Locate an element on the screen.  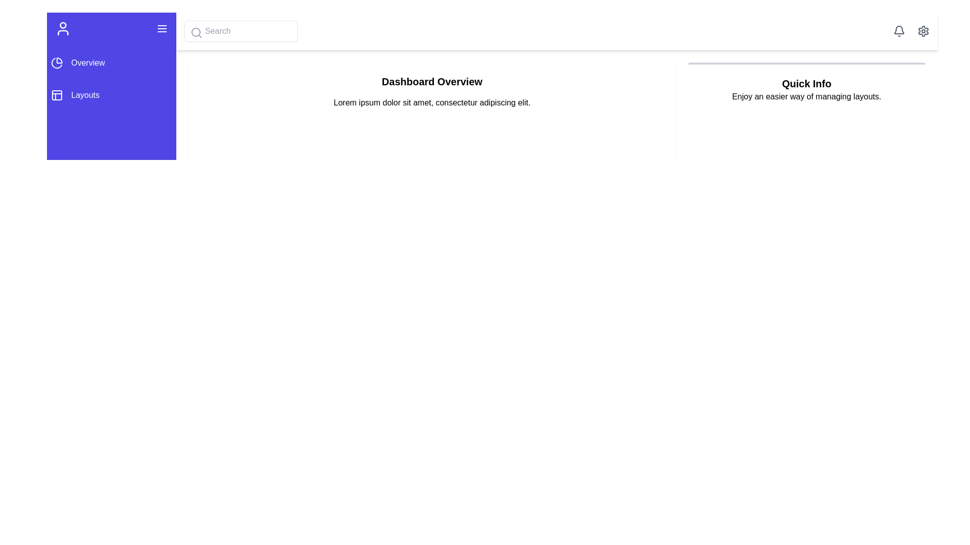
the decorative search icon located inside the search input field at the top-left section of the interface, next to the sidebar is located at coordinates (196, 32).